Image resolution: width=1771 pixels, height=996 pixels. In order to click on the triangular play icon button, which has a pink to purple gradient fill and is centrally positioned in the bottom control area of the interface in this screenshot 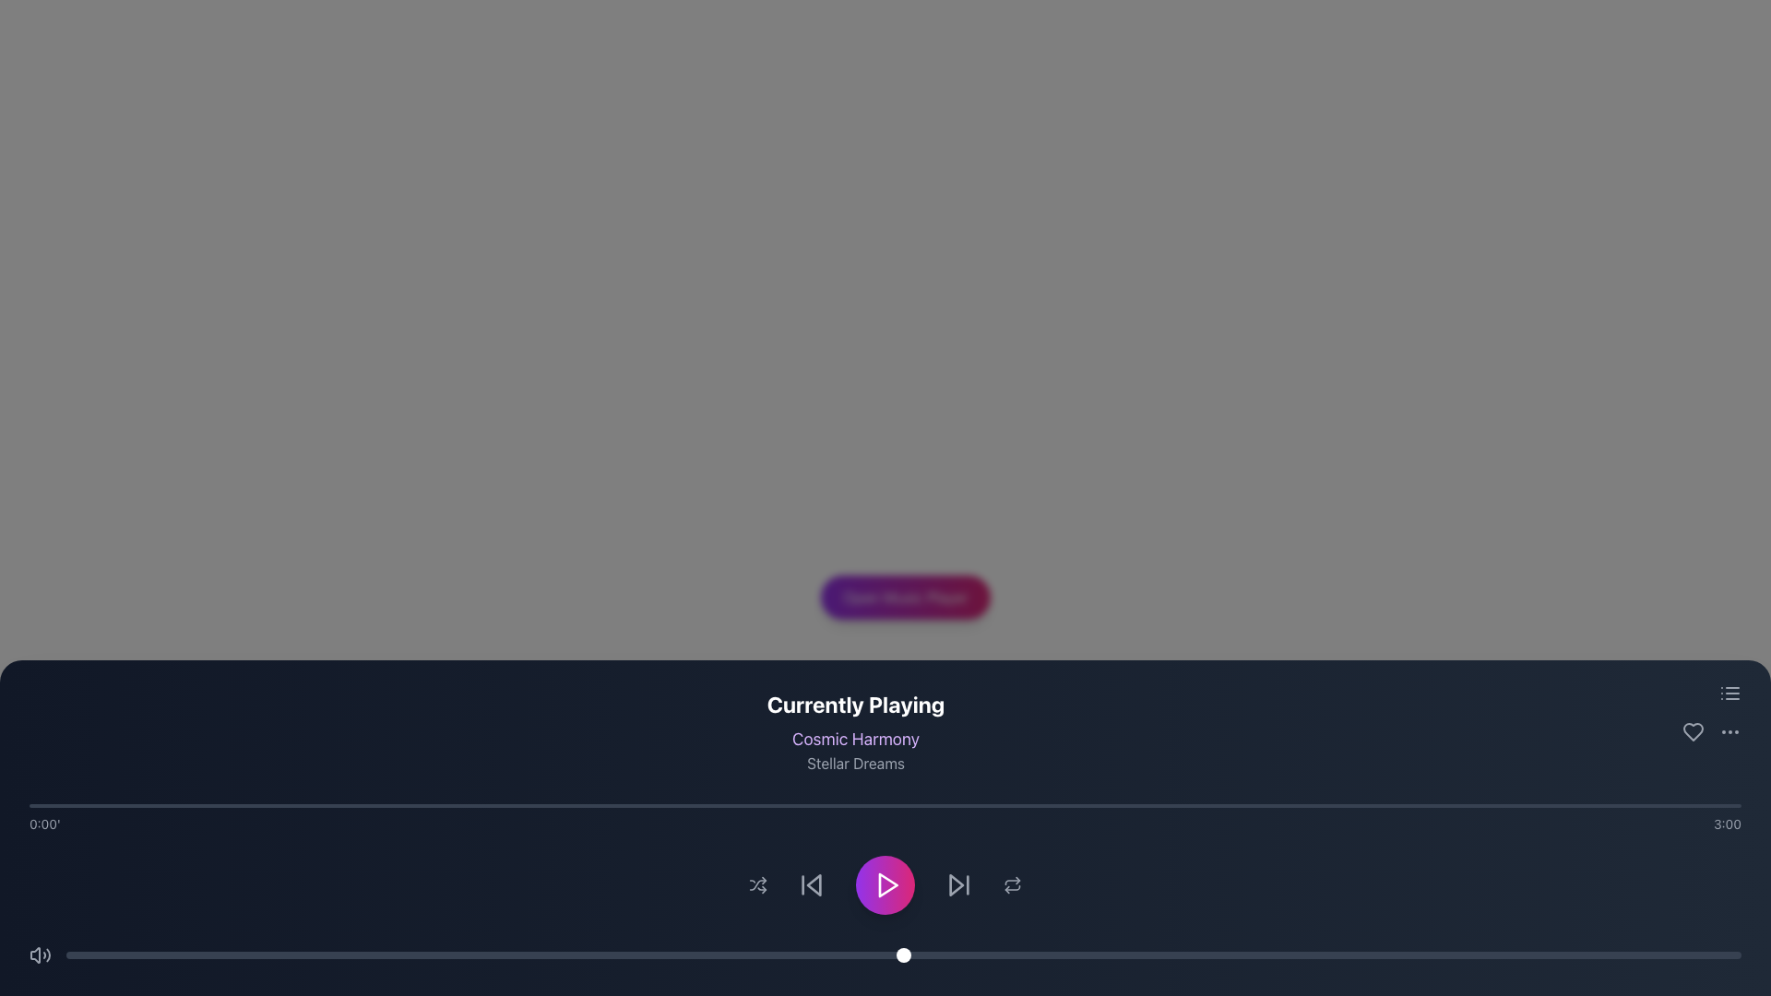, I will do `click(888, 884)`.